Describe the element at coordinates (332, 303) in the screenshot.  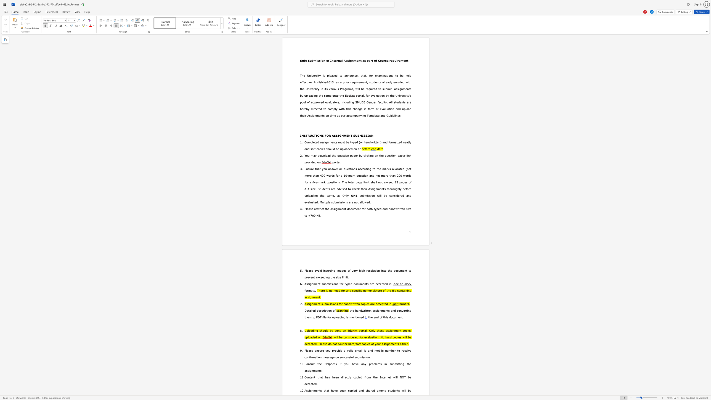
I see `the subset text "ions for handwritten copies are accepted in" within the text "Assignment submissions for handwritten copies are accepted in"` at that location.